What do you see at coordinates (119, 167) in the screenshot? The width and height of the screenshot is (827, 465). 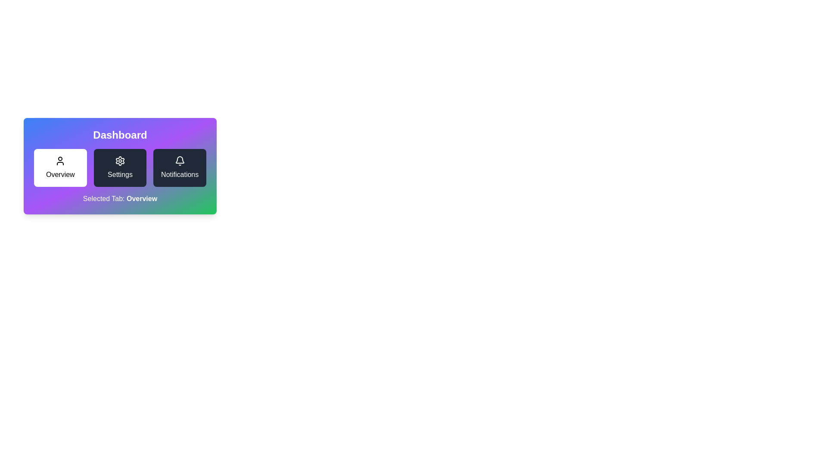 I see `the 'Settings' button, which is a rectangular button with rounded corners, dark gray background, and white text and icon, featuring a cogwheel icon above the text` at bounding box center [119, 167].